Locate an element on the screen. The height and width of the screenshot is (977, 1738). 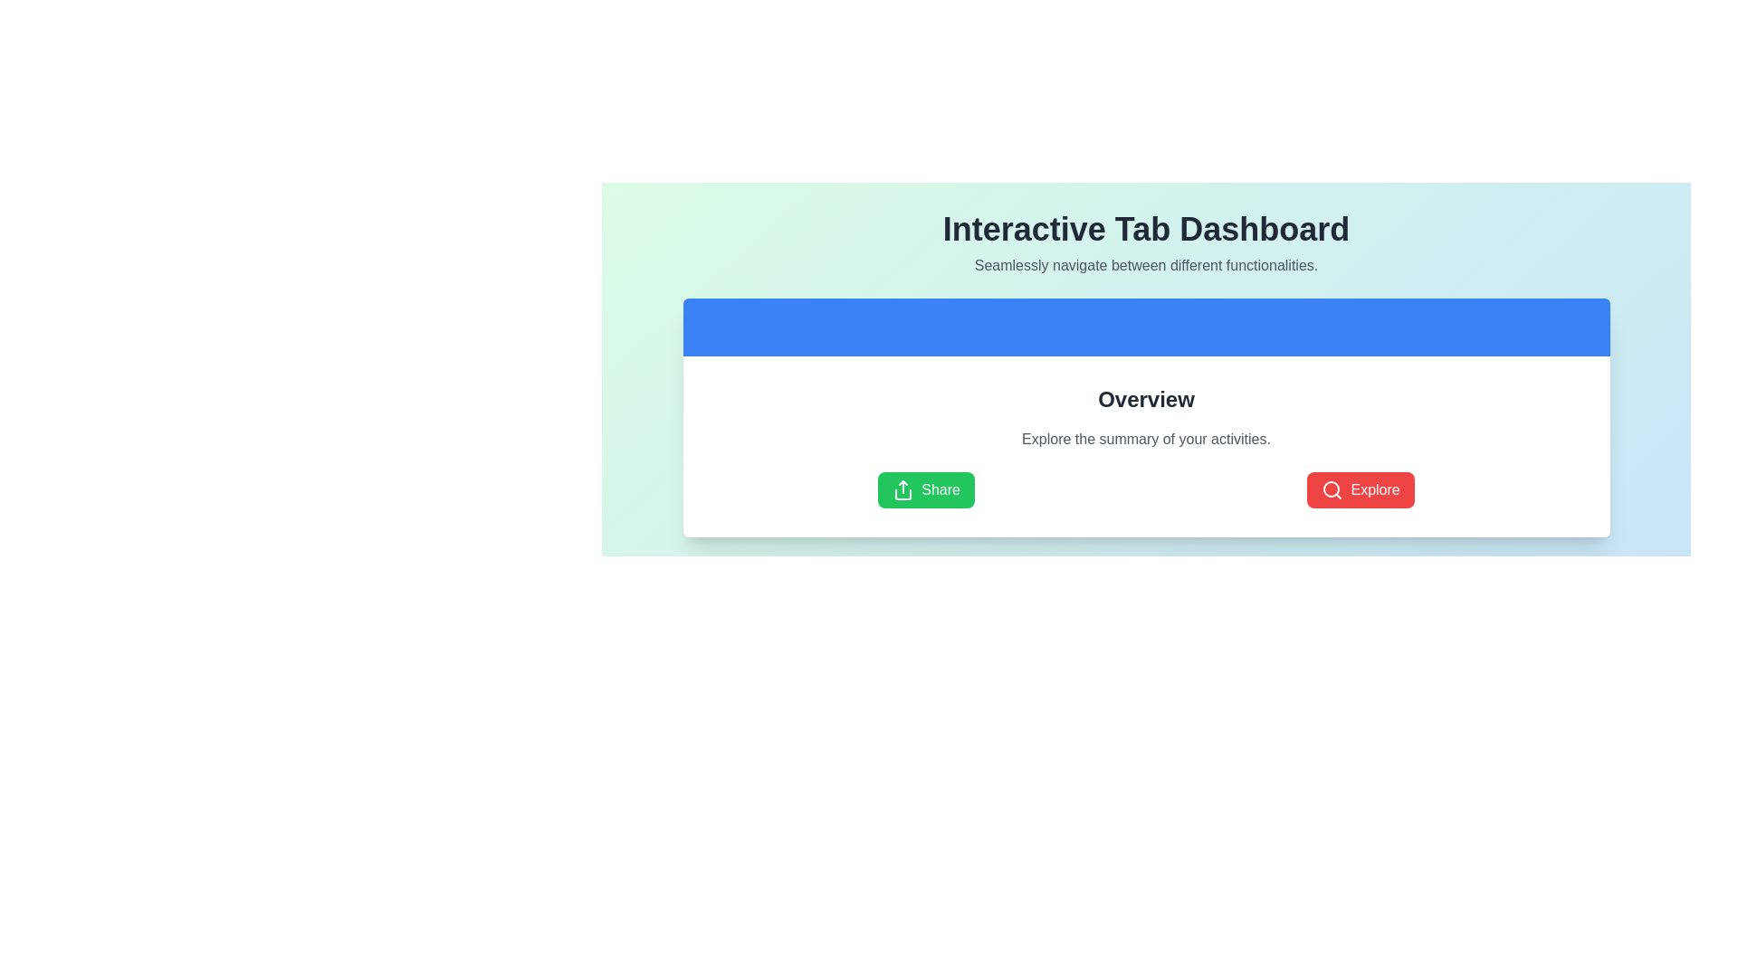
the 'Share' button which contains the SVG share arrow icon, located within a green rectangle with rounded corners is located at coordinates (903, 490).